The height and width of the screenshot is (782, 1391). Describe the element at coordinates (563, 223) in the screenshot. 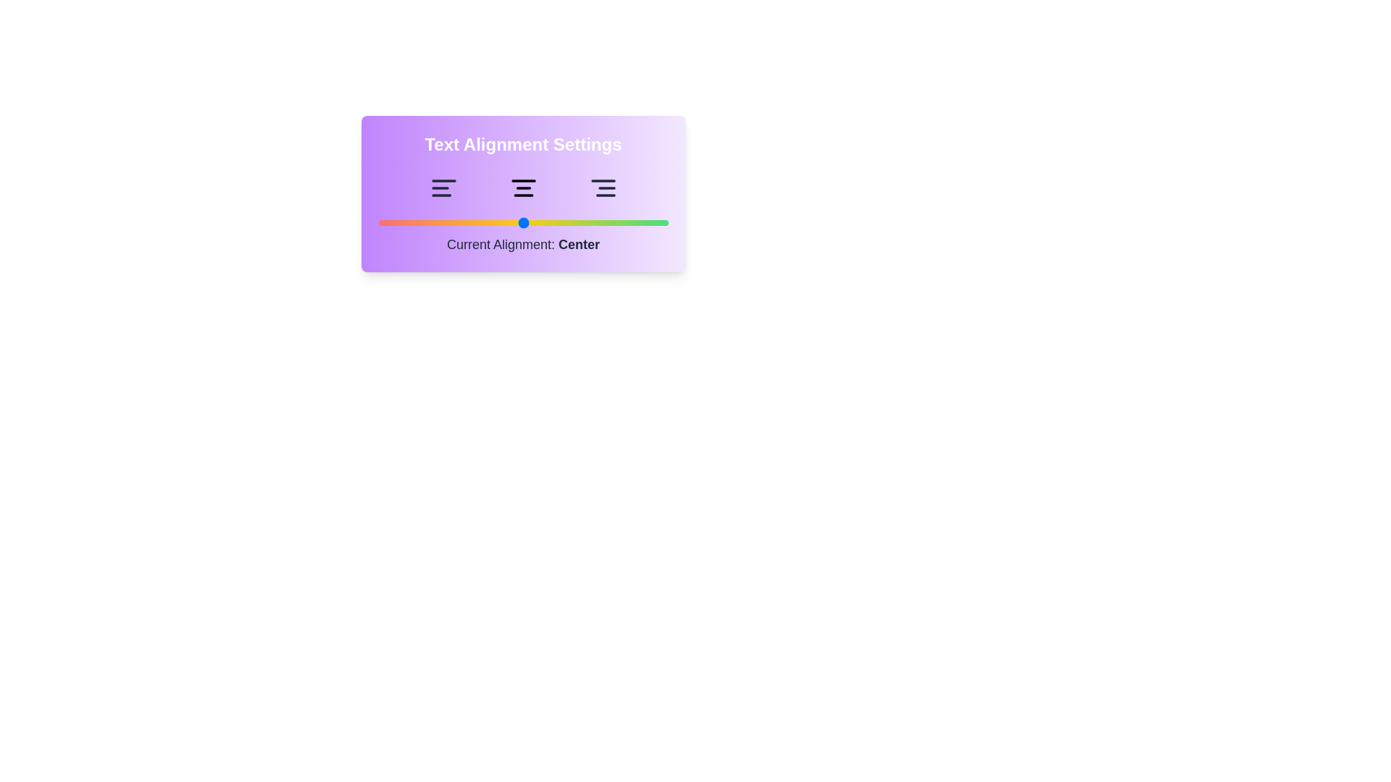

I see `the alignment slider to 64 and observe the text indicator update` at that location.